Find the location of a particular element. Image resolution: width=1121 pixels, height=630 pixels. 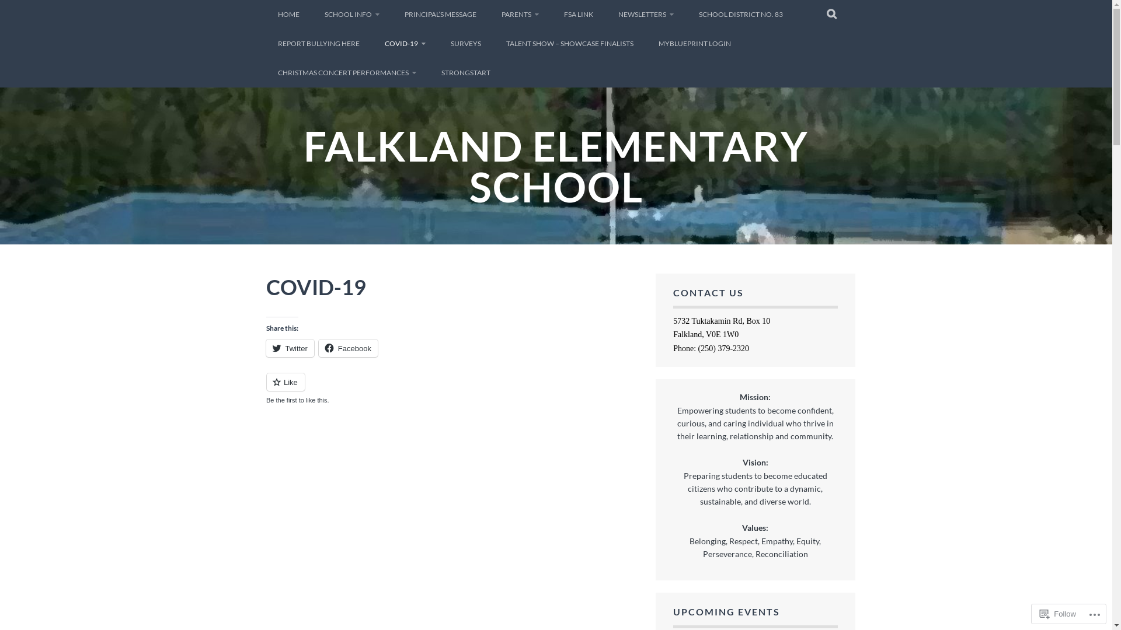

'CHRISTMAS CONCERT PERFORMANCES' is located at coordinates (266, 72).